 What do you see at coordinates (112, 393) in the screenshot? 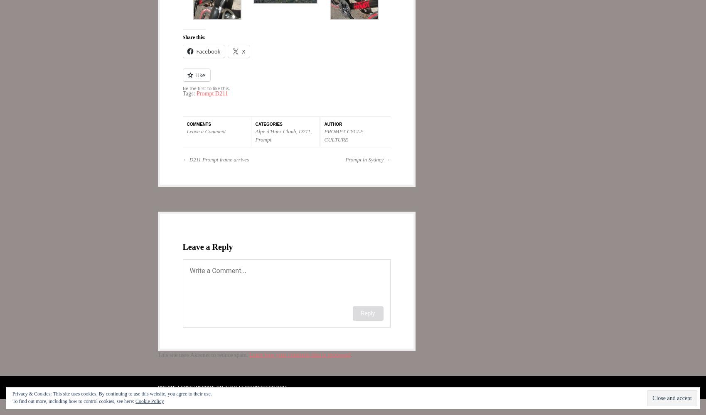
I see `'Privacy & Cookies: This site uses cookies. By continuing to use this website, you agree to their use.'` at bounding box center [112, 393].